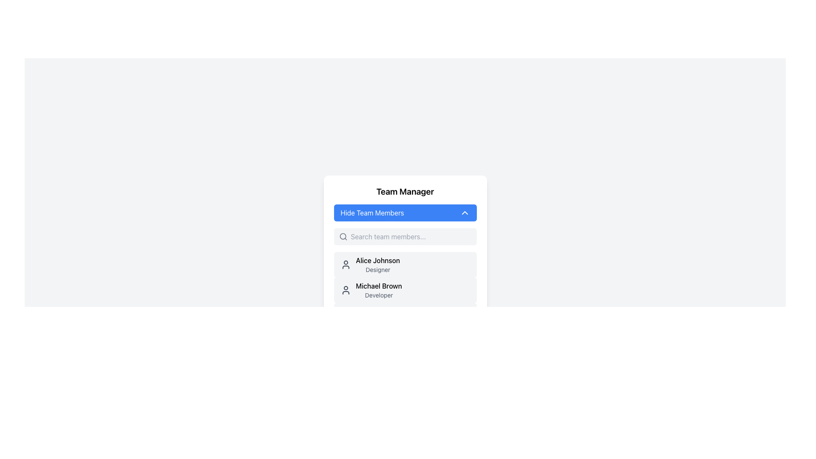 The image size is (816, 459). Describe the element at coordinates (378, 295) in the screenshot. I see `the static text label displaying 'Developer' located below 'Michael Brown' in the team member list` at that location.